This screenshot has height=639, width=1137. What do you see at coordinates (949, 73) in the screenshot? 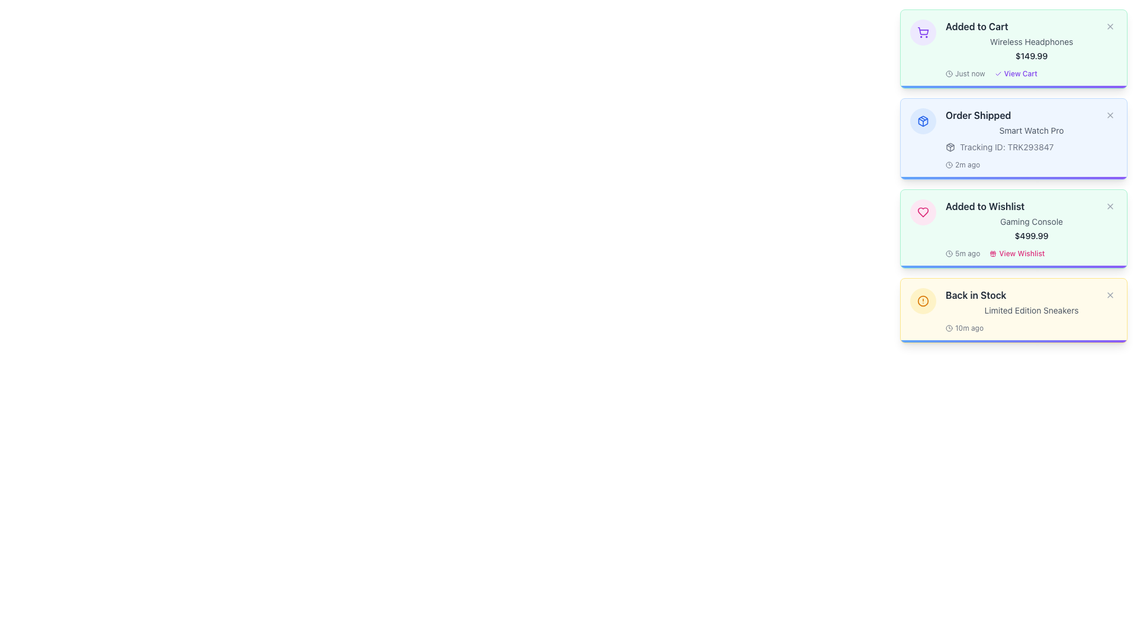
I see `the main circular component of the clock icon within the 'Added to Cart' notification card` at bounding box center [949, 73].